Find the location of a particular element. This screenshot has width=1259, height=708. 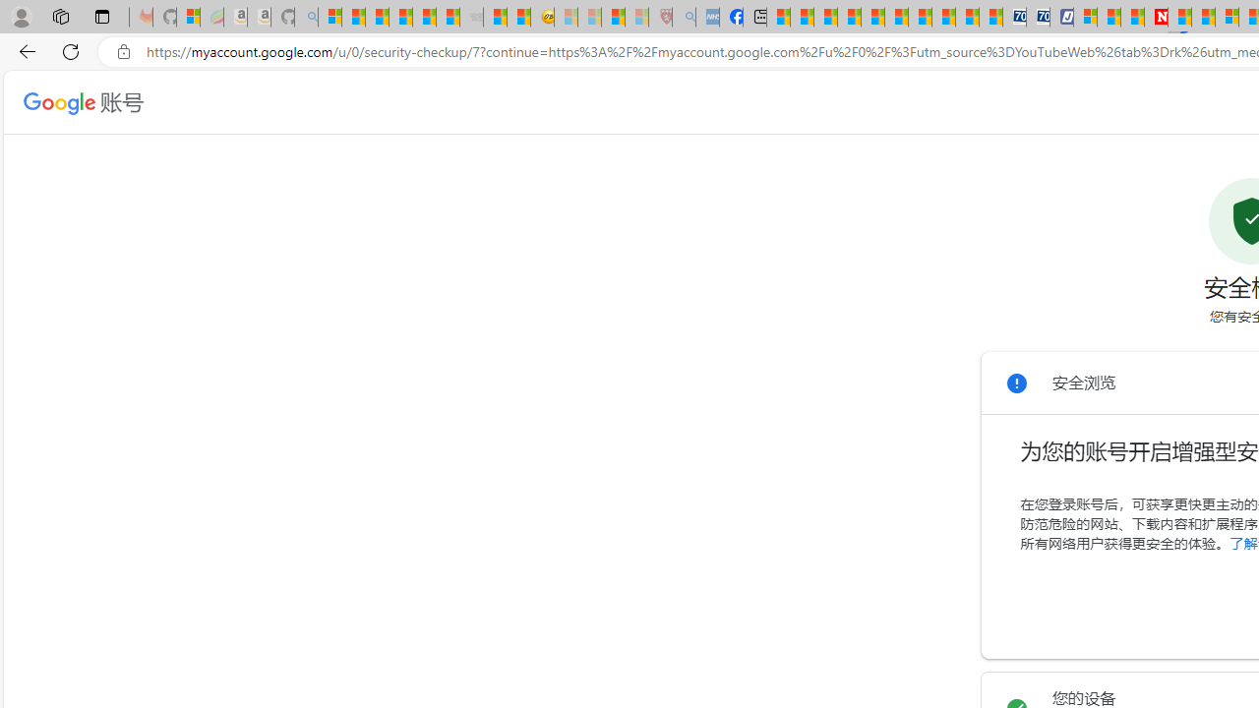

'Newsweek - News, Analysis, Politics, Business, Technology' is located at coordinates (1156, 17).